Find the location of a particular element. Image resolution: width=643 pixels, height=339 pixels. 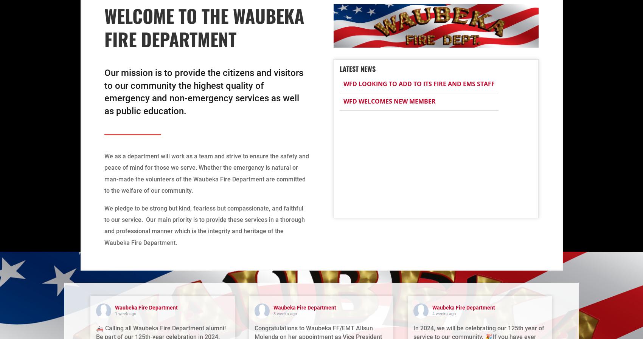

'wfd looking to add to its fire and ems staff' is located at coordinates (343, 84).